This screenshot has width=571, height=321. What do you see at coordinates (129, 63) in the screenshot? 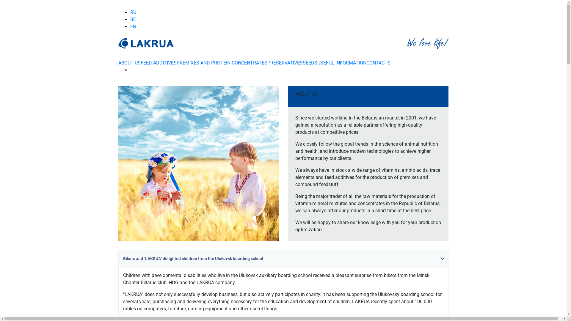
I see `'ABOUT US'` at bounding box center [129, 63].